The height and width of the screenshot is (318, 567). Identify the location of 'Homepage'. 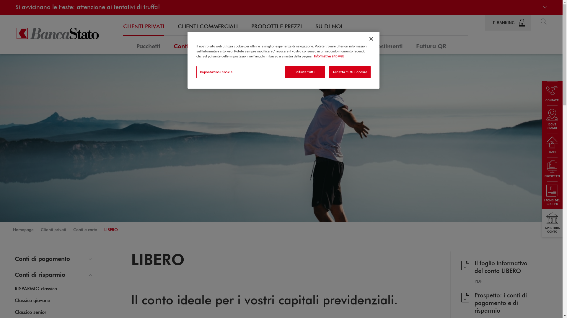
(23, 229).